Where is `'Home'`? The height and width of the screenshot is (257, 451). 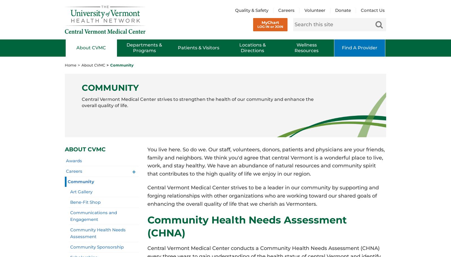
'Home' is located at coordinates (70, 65).